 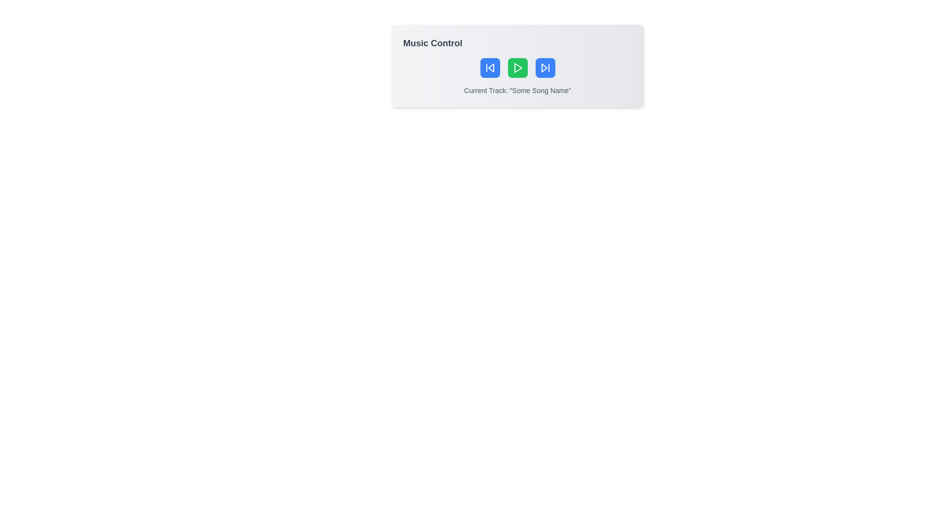 What do you see at coordinates (545, 67) in the screenshot?
I see `the 'Skip Forward' button located on the rightmost side of a row of three buttons in the music control panel` at bounding box center [545, 67].